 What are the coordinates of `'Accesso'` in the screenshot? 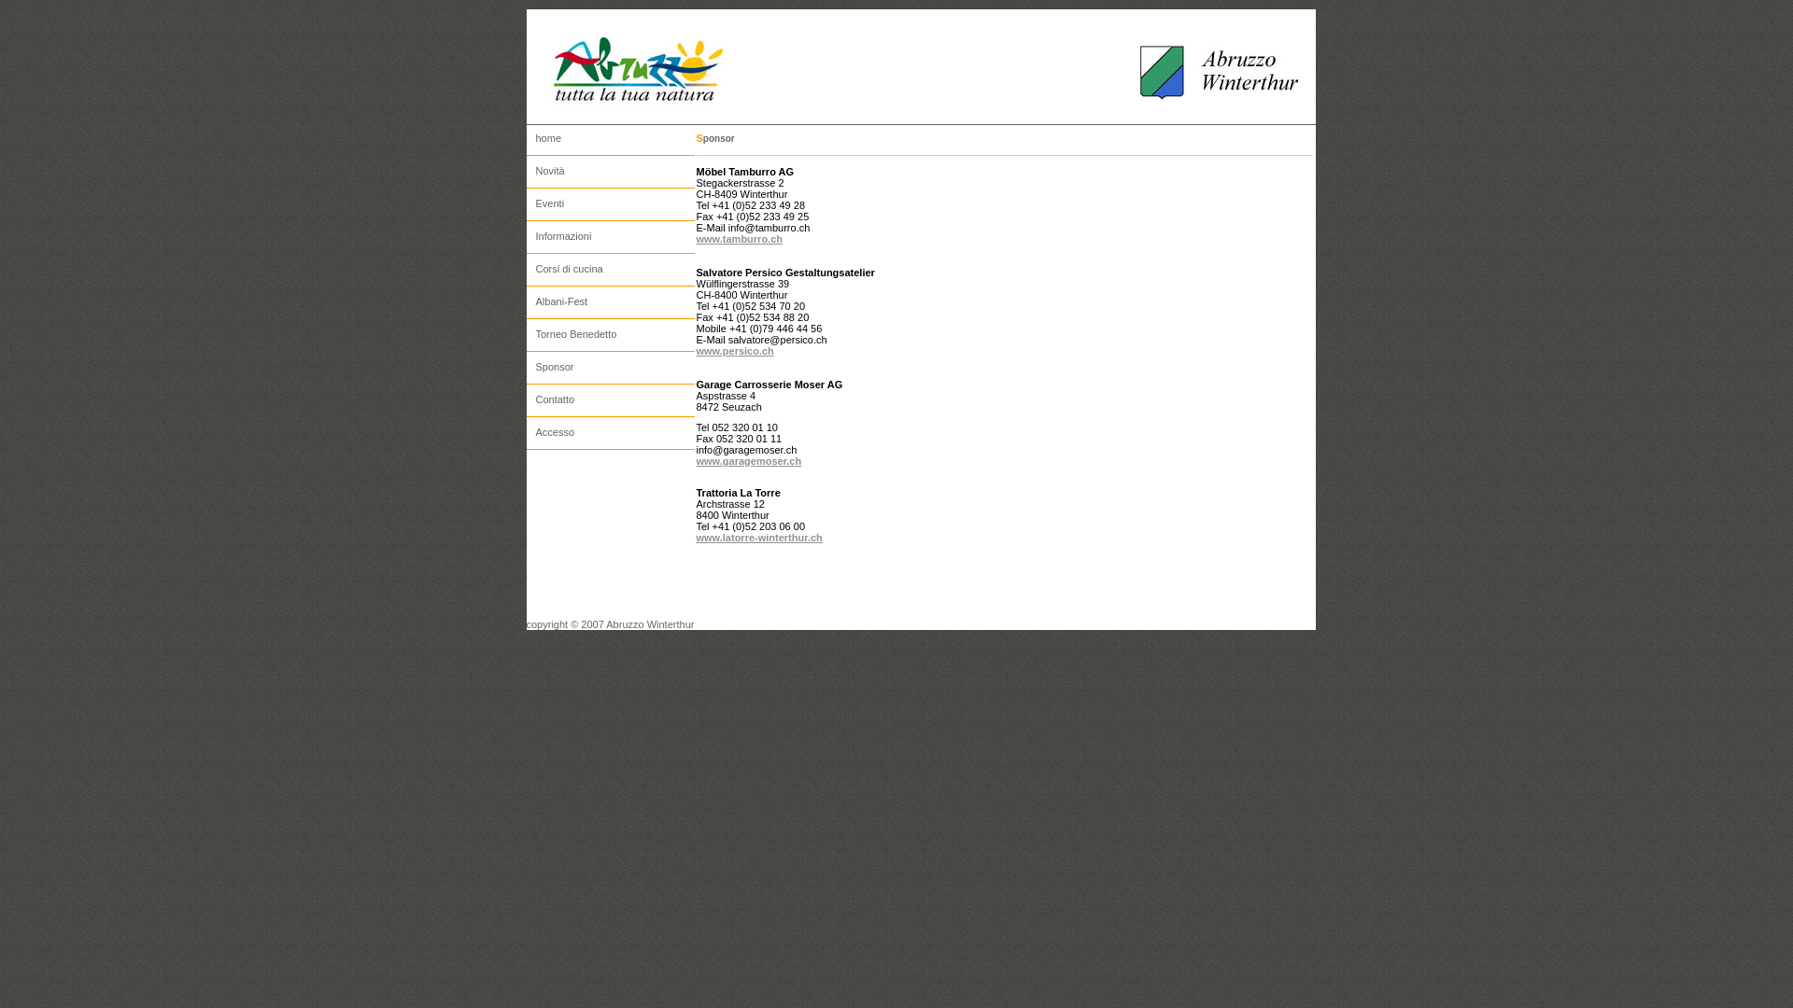 It's located at (610, 434).